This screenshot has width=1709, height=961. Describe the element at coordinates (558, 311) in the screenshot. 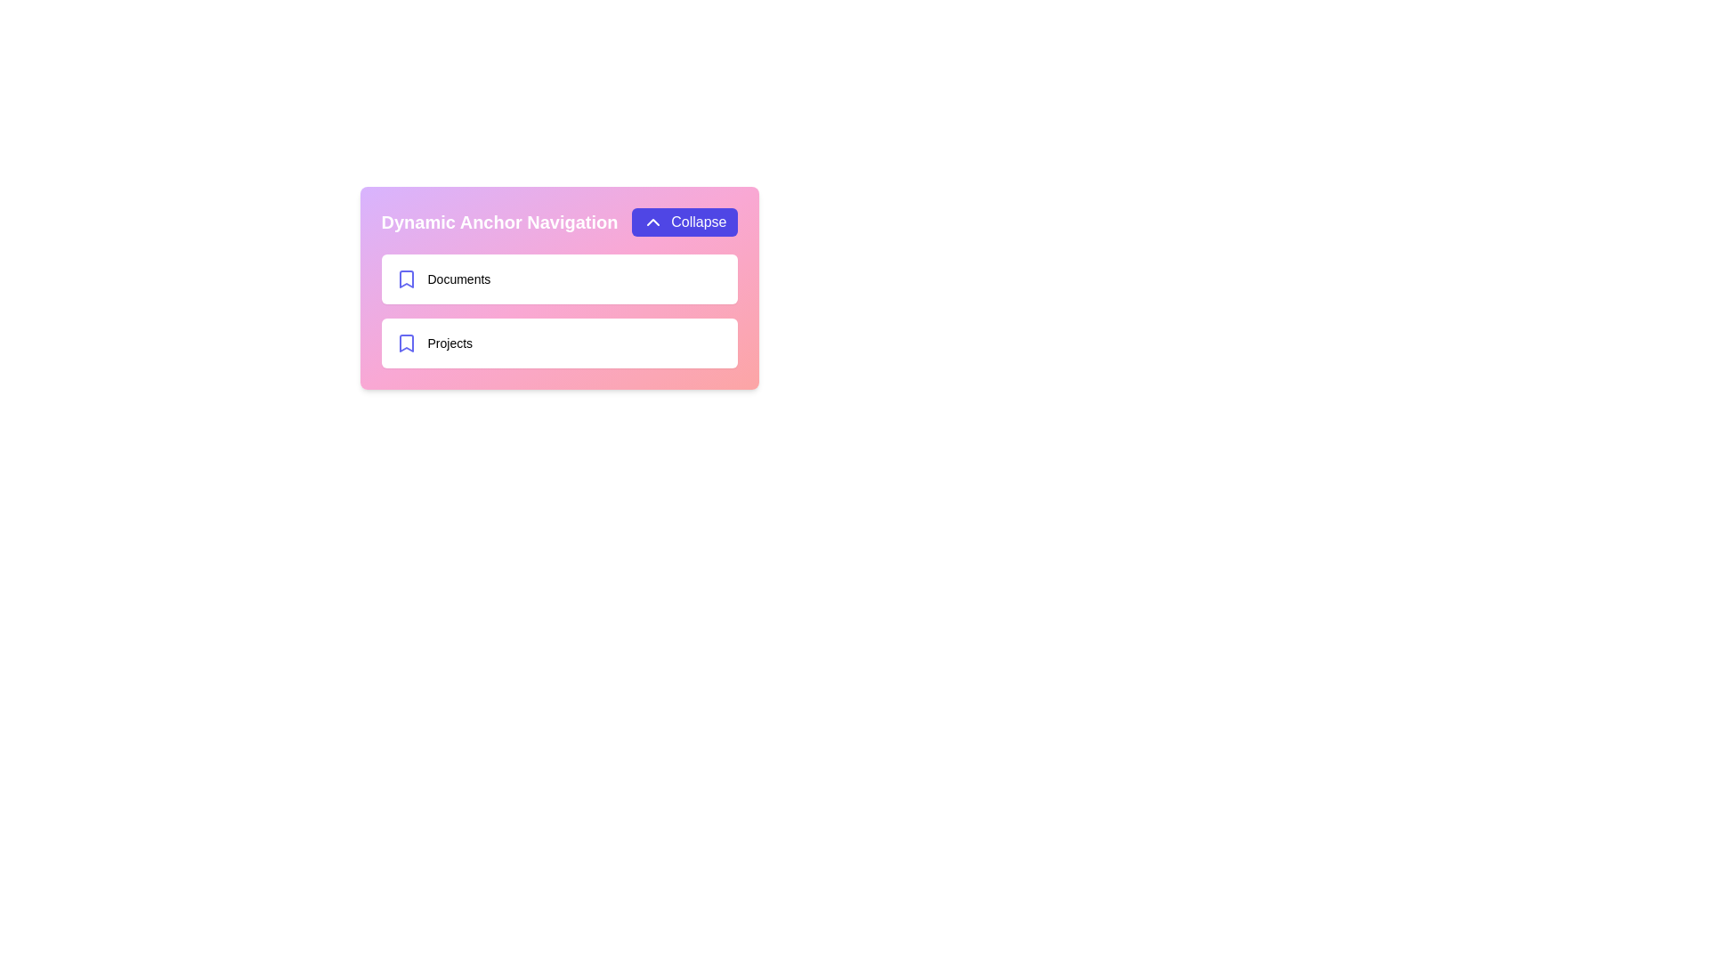

I see `the vertically-aligned Navigational Grouping element containing 'Documents' and 'Projects' items` at that location.